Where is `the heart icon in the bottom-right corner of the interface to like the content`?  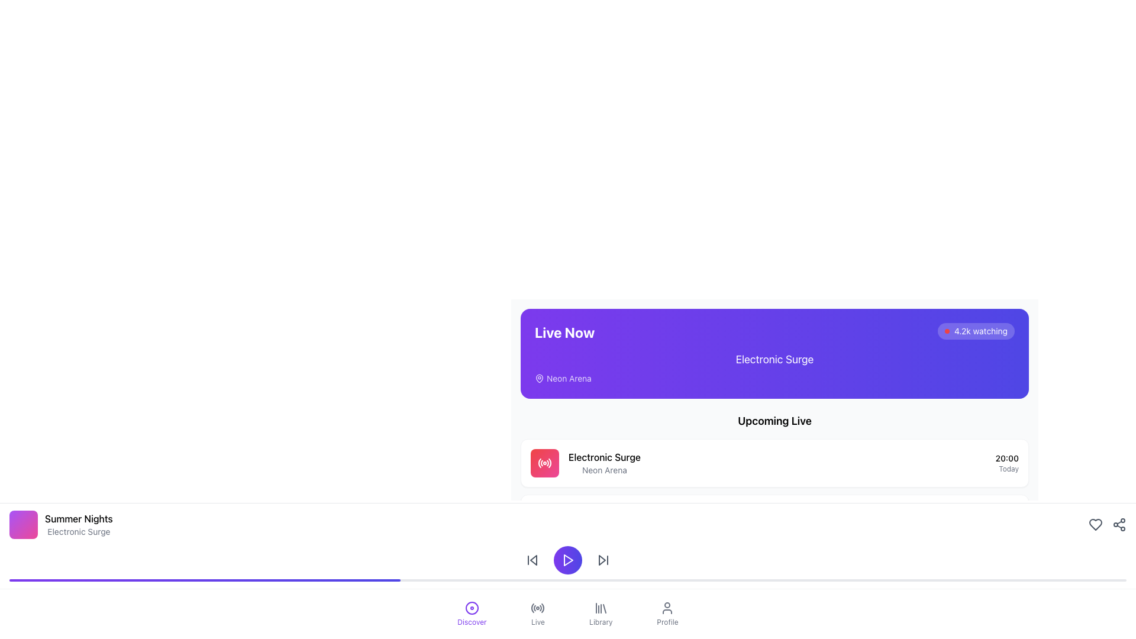 the heart icon in the bottom-right corner of the interface to like the content is located at coordinates (1107, 524).